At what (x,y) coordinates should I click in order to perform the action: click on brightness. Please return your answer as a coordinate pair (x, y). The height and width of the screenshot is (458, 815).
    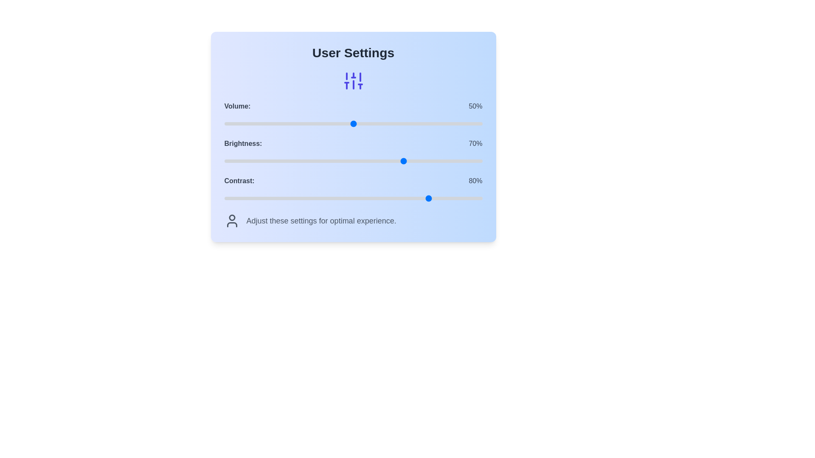
    Looking at the image, I should click on (301, 161).